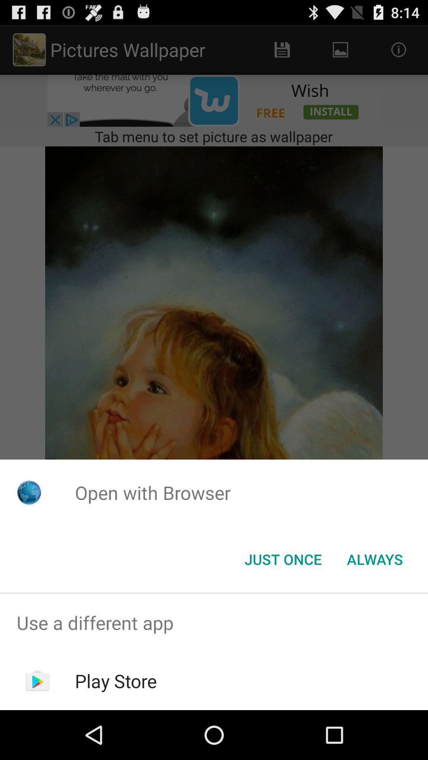 This screenshot has height=760, width=428. What do you see at coordinates (374, 559) in the screenshot?
I see `item below open with browser` at bounding box center [374, 559].